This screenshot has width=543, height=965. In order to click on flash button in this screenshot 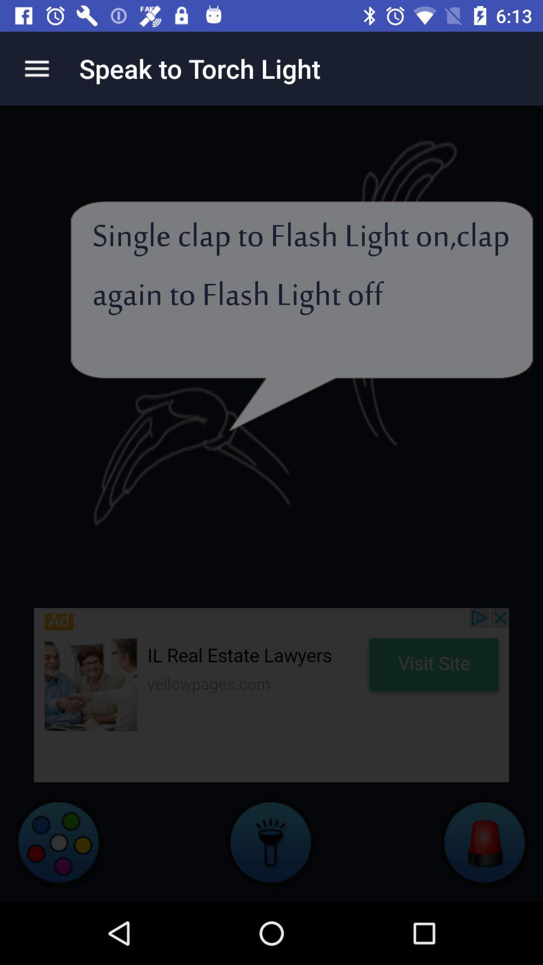, I will do `click(271, 842)`.